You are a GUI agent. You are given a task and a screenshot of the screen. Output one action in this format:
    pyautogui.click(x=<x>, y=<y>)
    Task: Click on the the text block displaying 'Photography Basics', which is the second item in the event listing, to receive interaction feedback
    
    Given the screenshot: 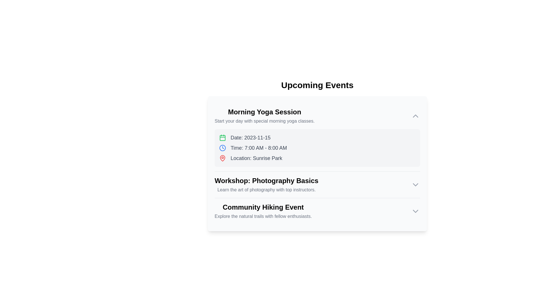 What is the action you would take?
    pyautogui.click(x=266, y=185)
    